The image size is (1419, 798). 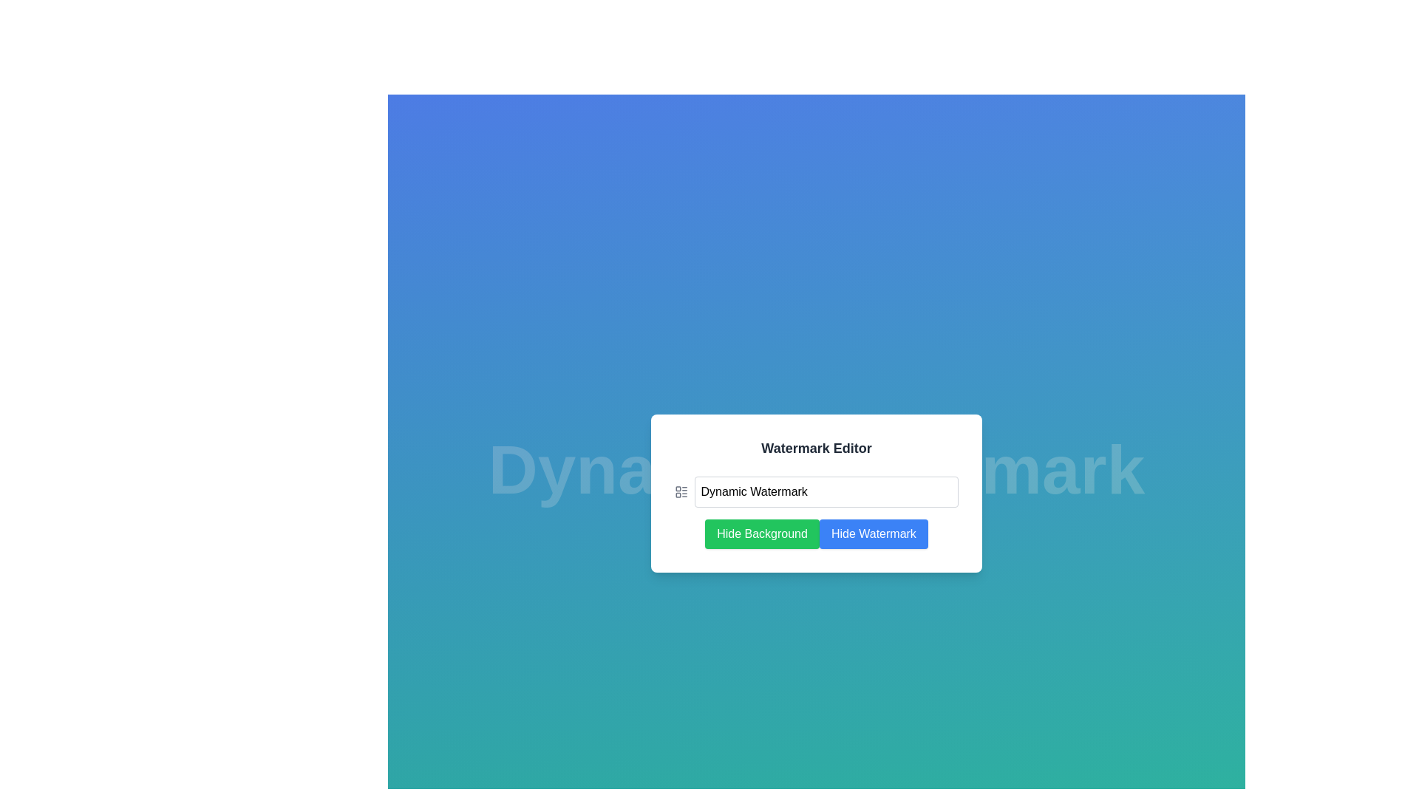 I want to click on the 'Watermark Editor' text label, which is displayed in bold dark gray font and serves as a header in a dialog interface, so click(x=815, y=447).